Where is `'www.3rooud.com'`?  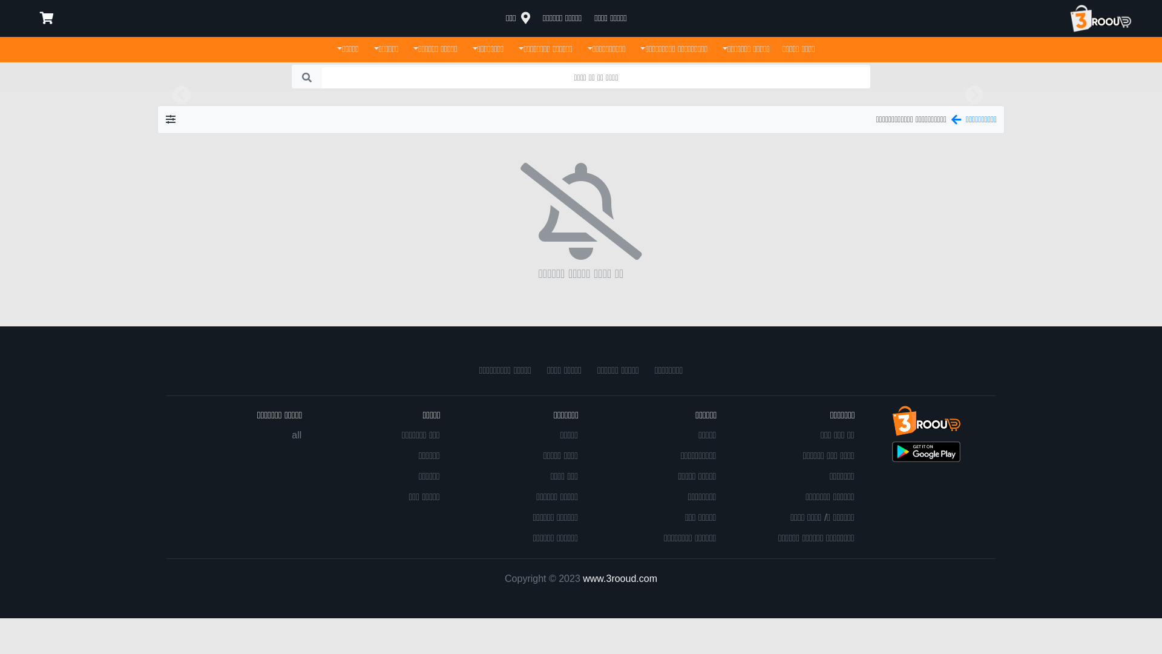
'www.3rooud.com' is located at coordinates (583, 577).